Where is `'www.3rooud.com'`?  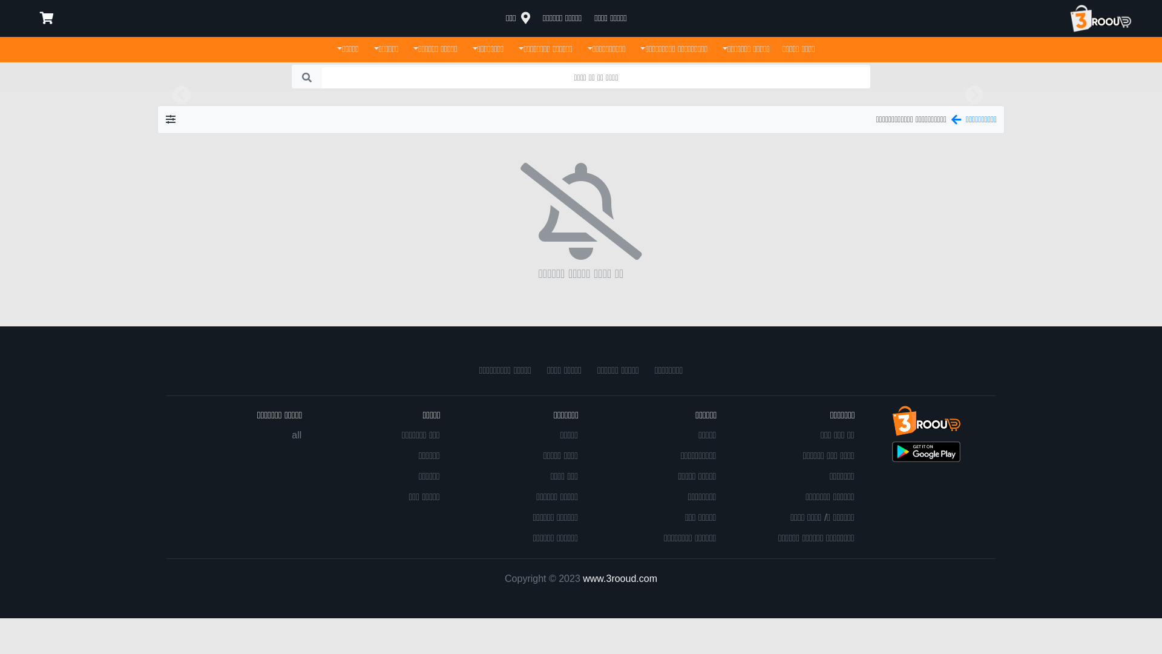
'www.3rooud.com' is located at coordinates (583, 577).